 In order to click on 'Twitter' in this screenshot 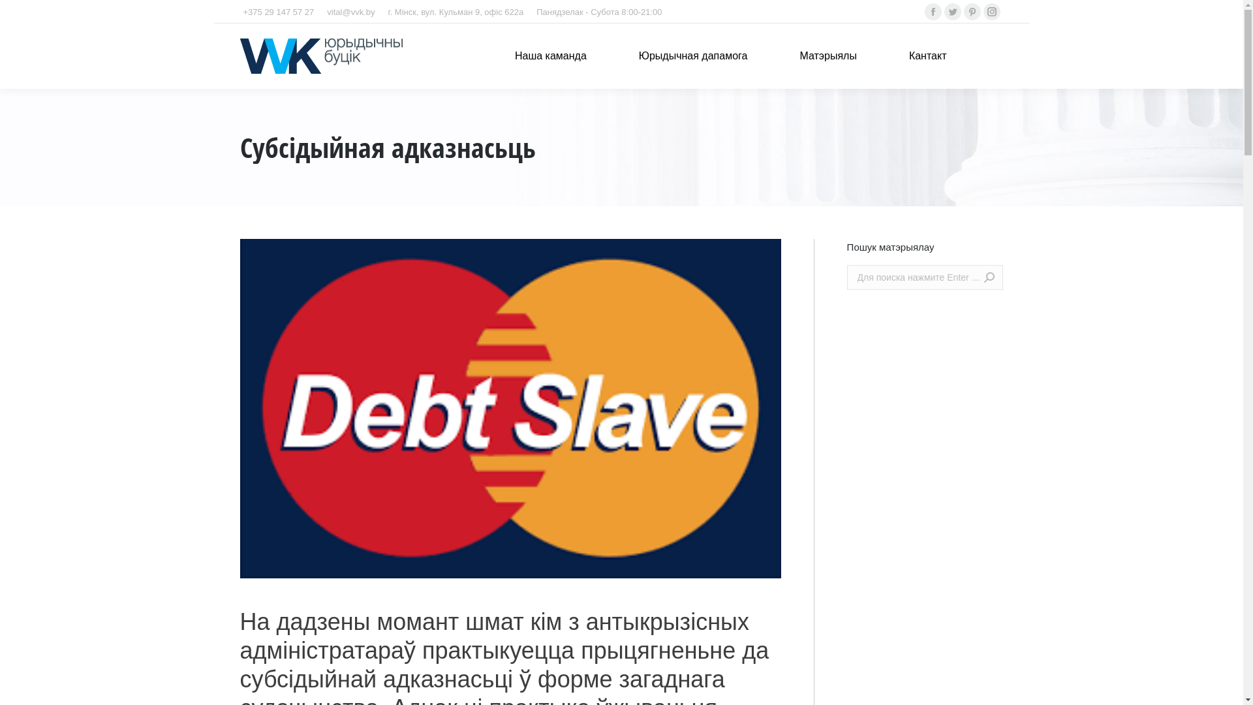, I will do `click(952, 12)`.